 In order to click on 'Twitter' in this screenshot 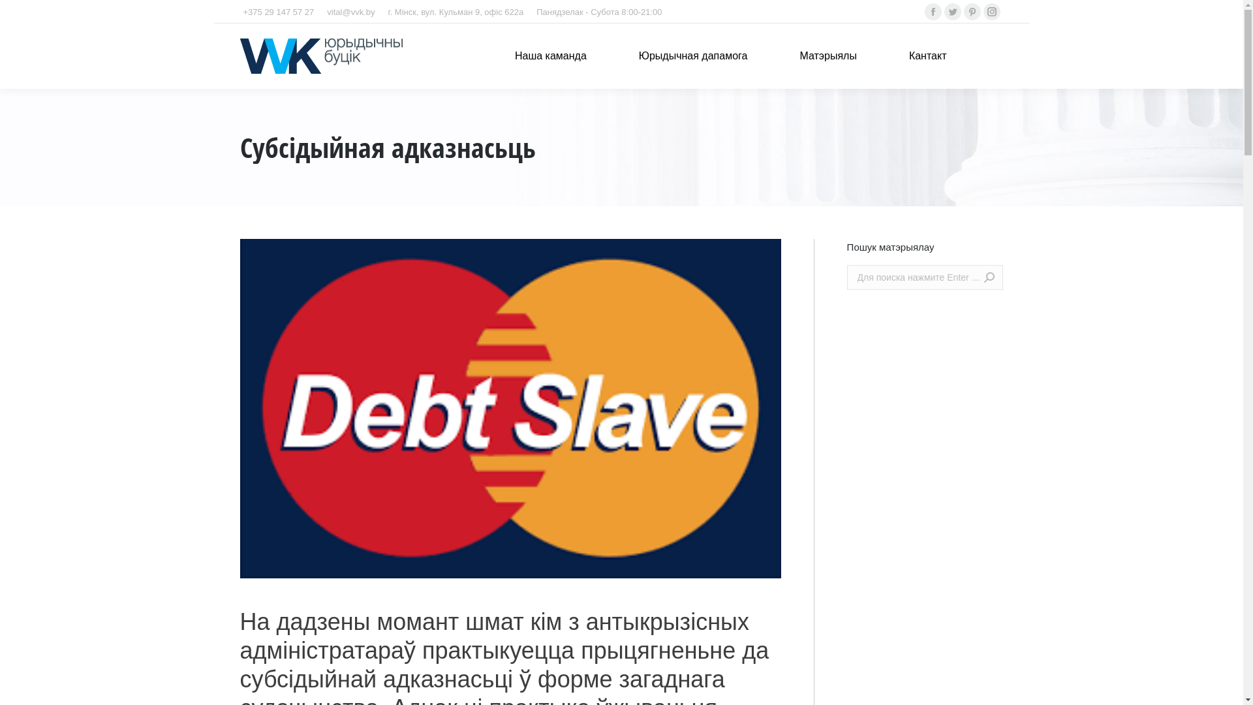, I will do `click(952, 12)`.